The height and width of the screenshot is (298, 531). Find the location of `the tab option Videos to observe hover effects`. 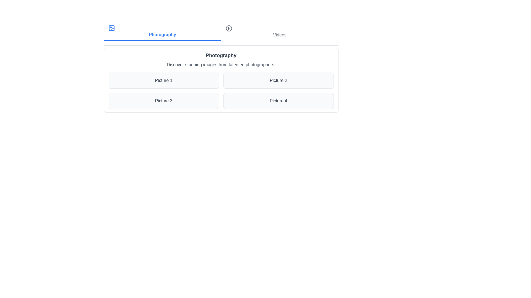

the tab option Videos to observe hover effects is located at coordinates (280, 32).